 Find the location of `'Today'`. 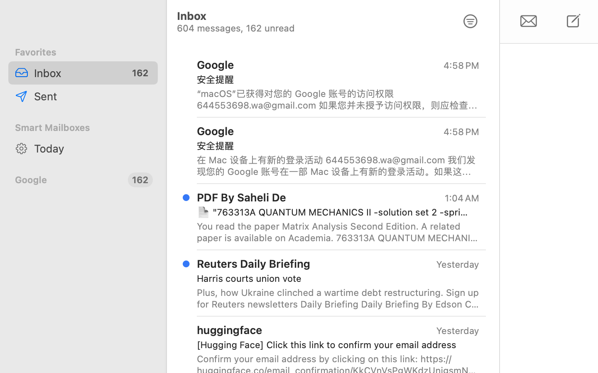

'Today' is located at coordinates (93, 148).